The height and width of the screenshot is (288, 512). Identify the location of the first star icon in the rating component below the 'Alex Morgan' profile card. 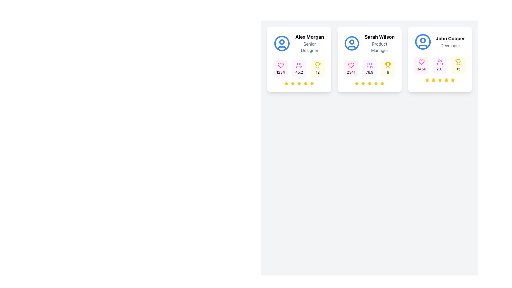
(286, 83).